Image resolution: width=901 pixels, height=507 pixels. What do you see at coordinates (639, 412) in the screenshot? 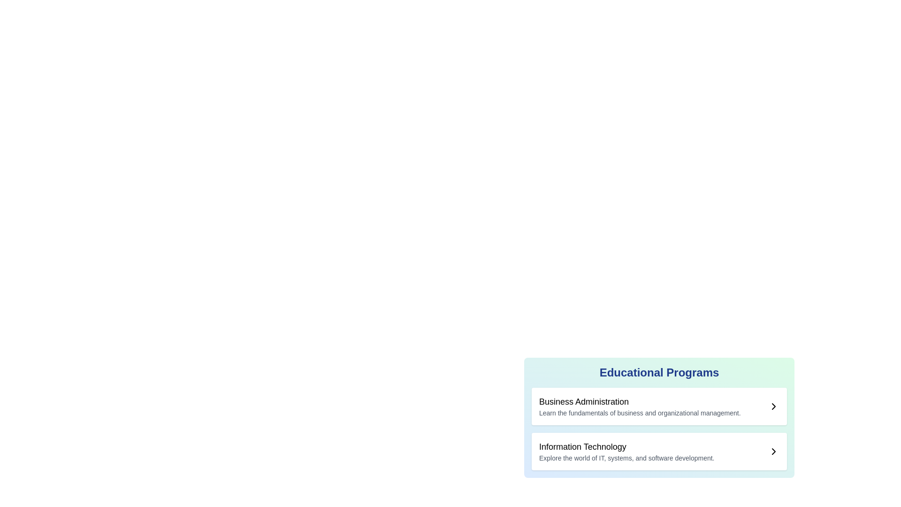
I see `subtext element that contains the line of text 'Learn the fundamentals of business and organizational management.' which is styled in small gray font and positioned below the header 'Business Administration' in the 'Educational Programs' section` at bounding box center [639, 412].